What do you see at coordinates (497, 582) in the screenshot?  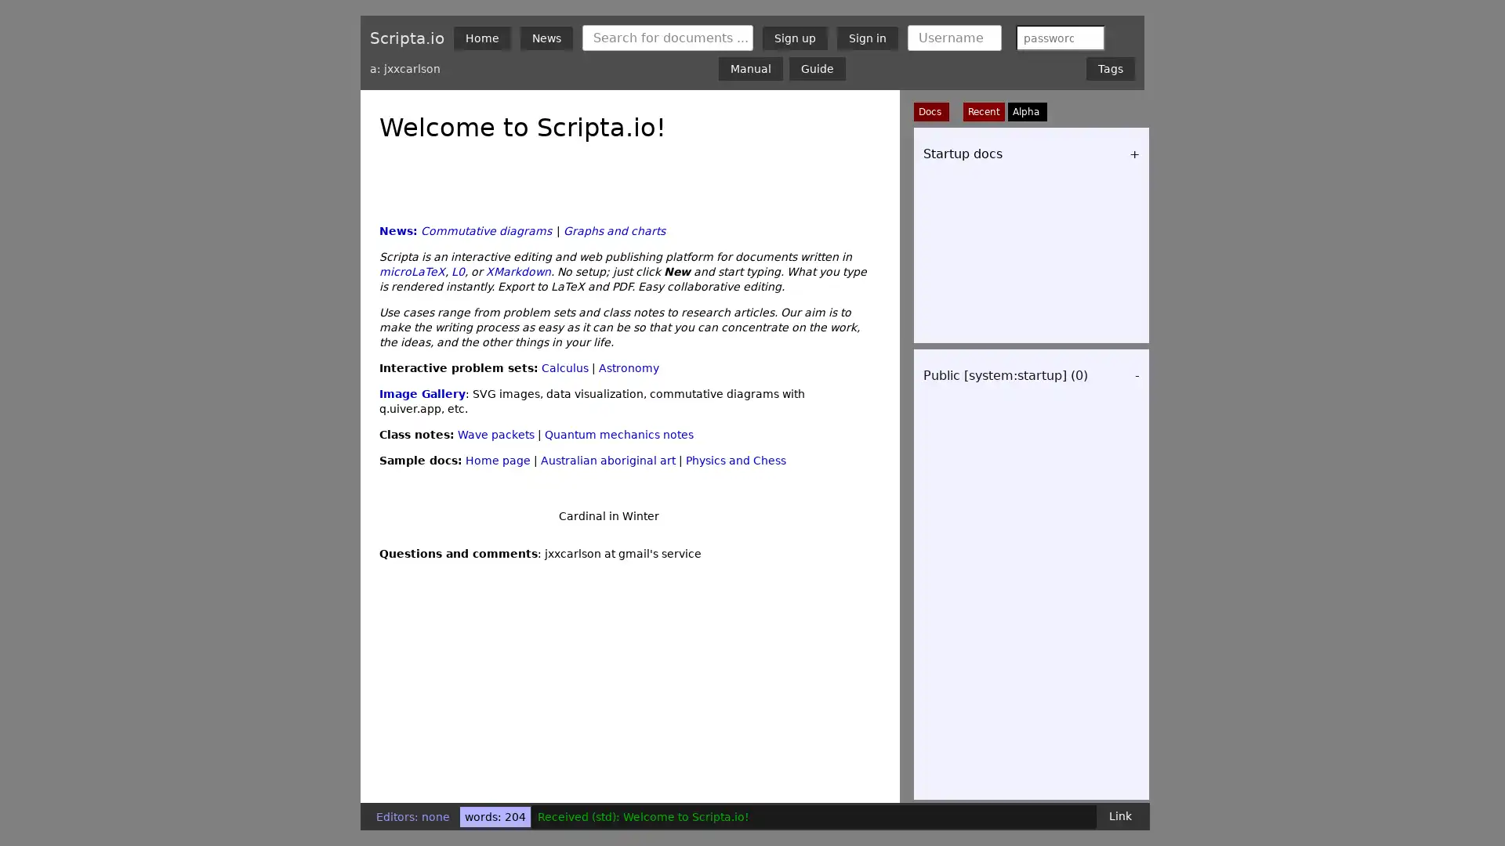 I see `Home page` at bounding box center [497, 582].